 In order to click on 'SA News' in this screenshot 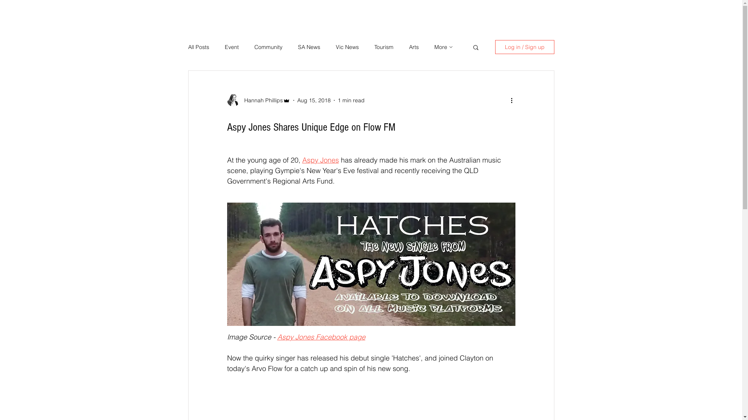, I will do `click(308, 47)`.